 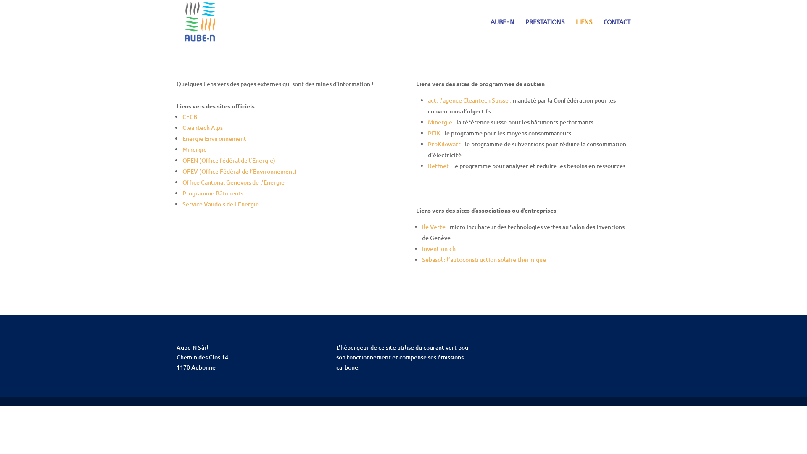 What do you see at coordinates (436, 132) in the screenshot?
I see `'PEIK :'` at bounding box center [436, 132].